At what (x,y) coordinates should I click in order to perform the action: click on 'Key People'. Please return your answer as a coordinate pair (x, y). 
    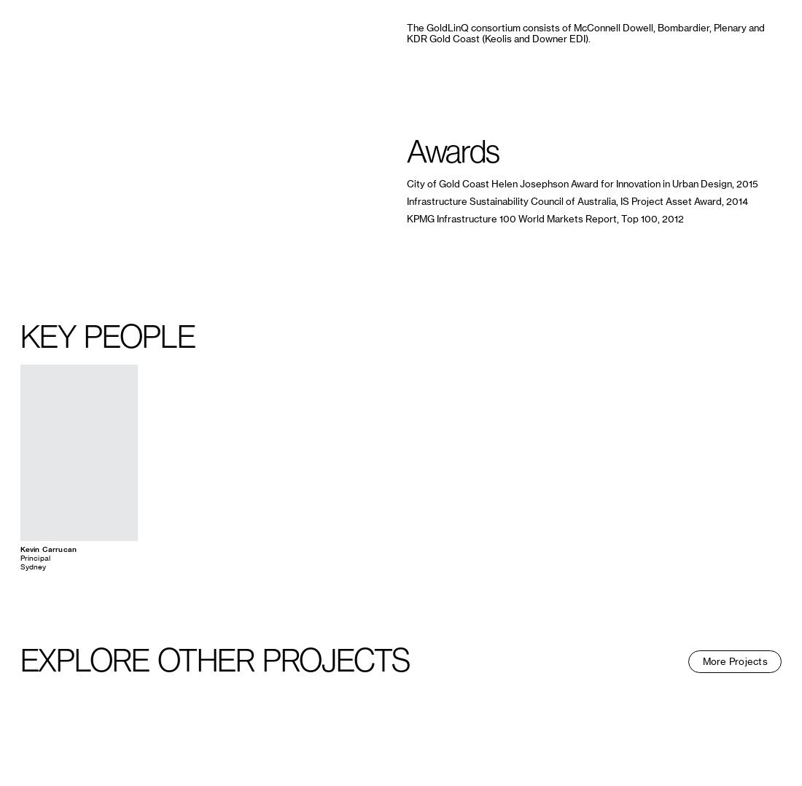
    Looking at the image, I should click on (106, 336).